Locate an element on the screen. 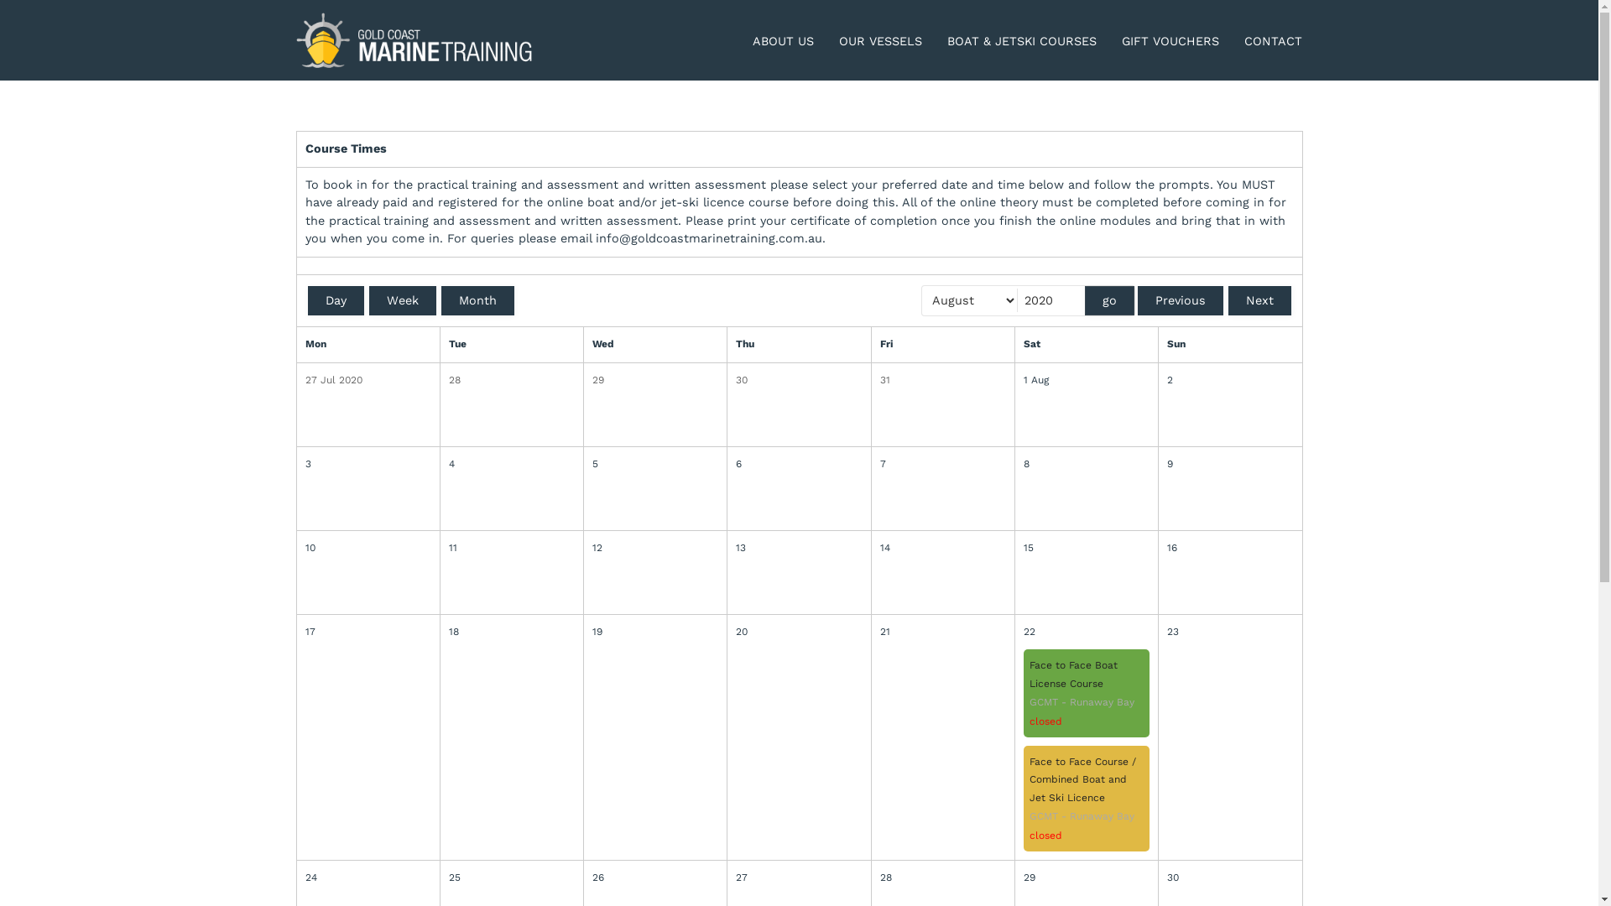 This screenshot has width=1611, height=906. '2' is located at coordinates (1229, 381).